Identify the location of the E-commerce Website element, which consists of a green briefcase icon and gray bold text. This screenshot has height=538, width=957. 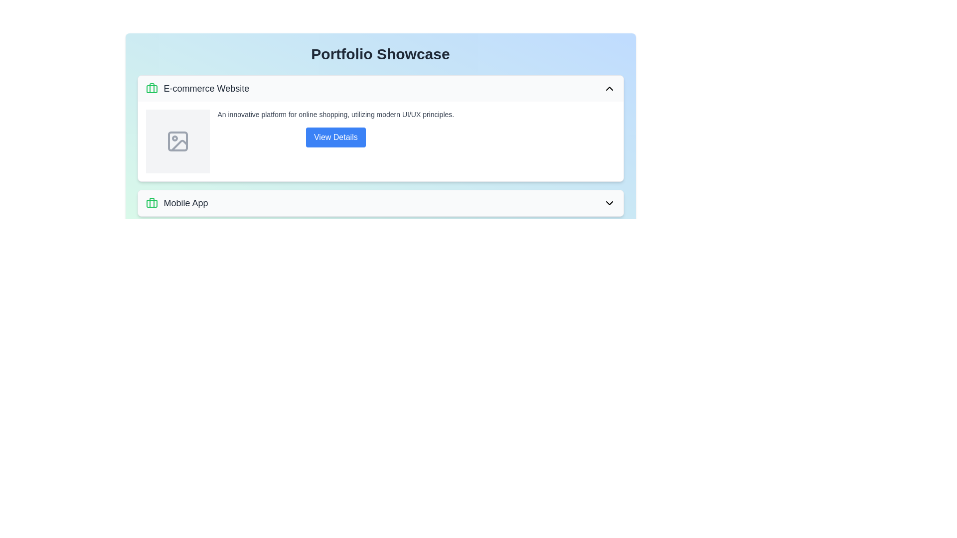
(197, 88).